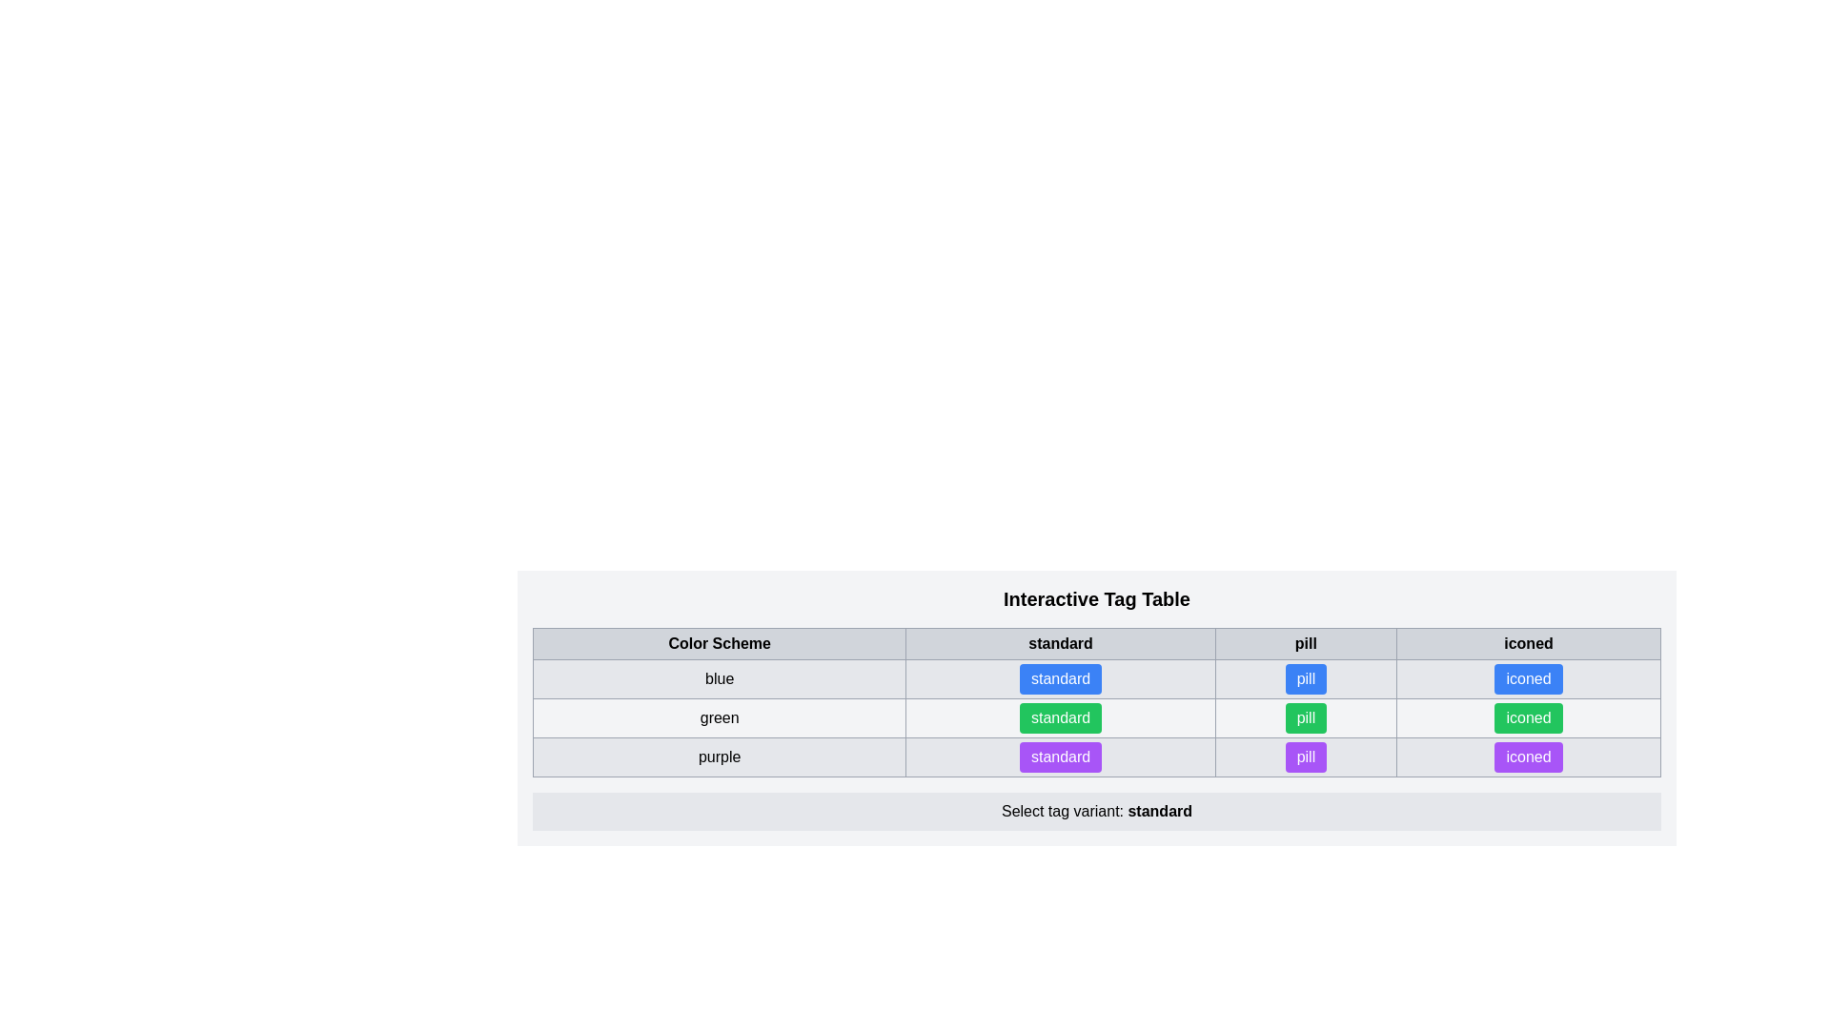 The image size is (1830, 1029). What do you see at coordinates (1097, 812) in the screenshot?
I see `the text label that contains the phrase 'Select tag variant:' followed by 'standard', which is located below the 'Interactive Tag Table'` at bounding box center [1097, 812].